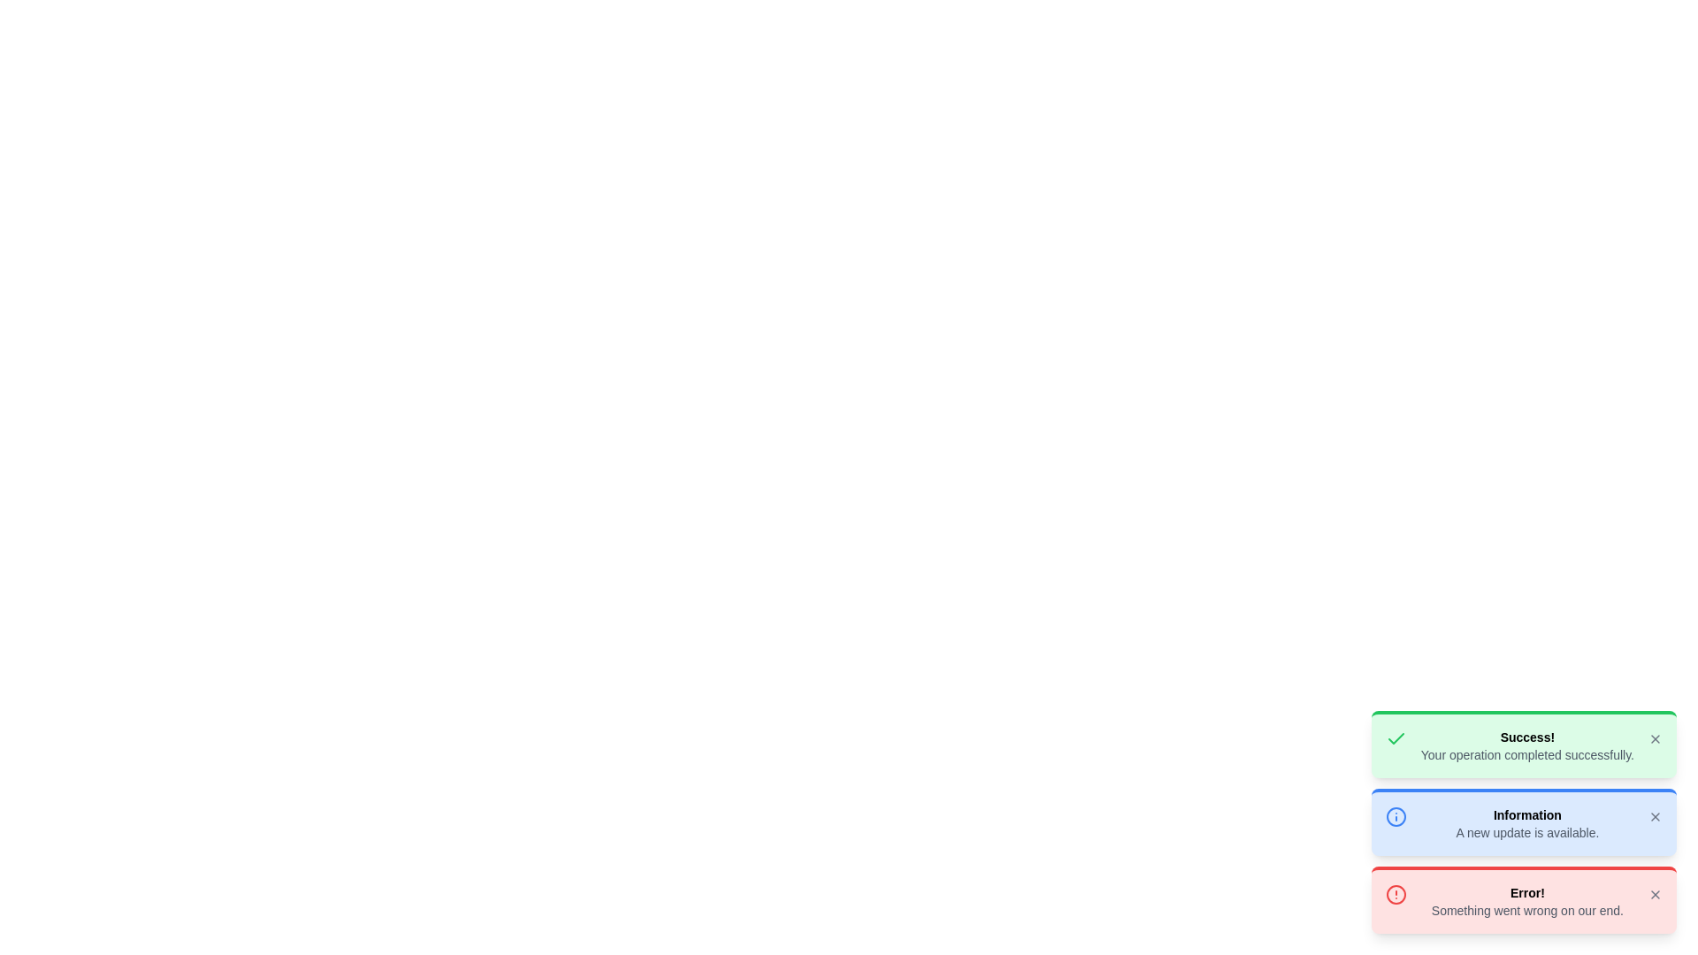 The width and height of the screenshot is (1698, 955). Describe the element at coordinates (1395, 738) in the screenshot. I see `the success indicator icon located inside the green notification box that displays 'Success! Your operation completed successfully.'` at that location.